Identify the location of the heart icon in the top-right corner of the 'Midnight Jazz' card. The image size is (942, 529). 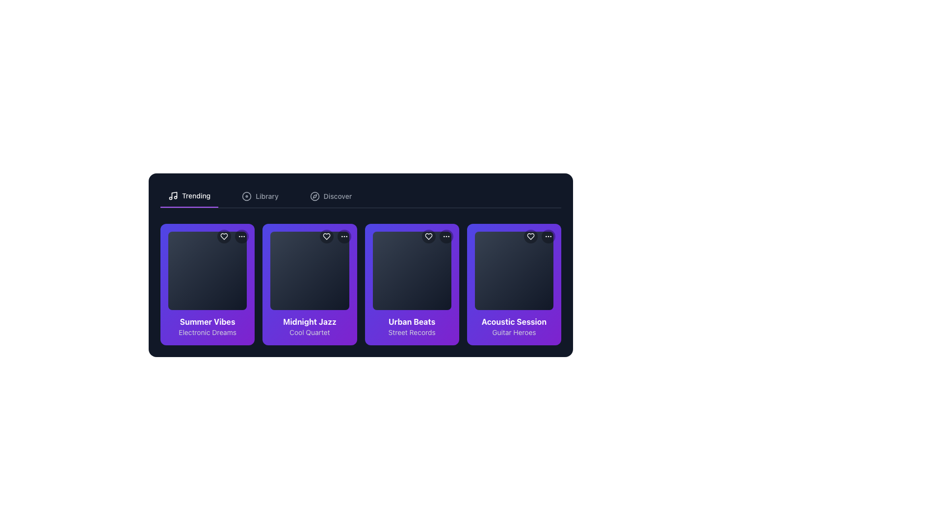
(326, 236).